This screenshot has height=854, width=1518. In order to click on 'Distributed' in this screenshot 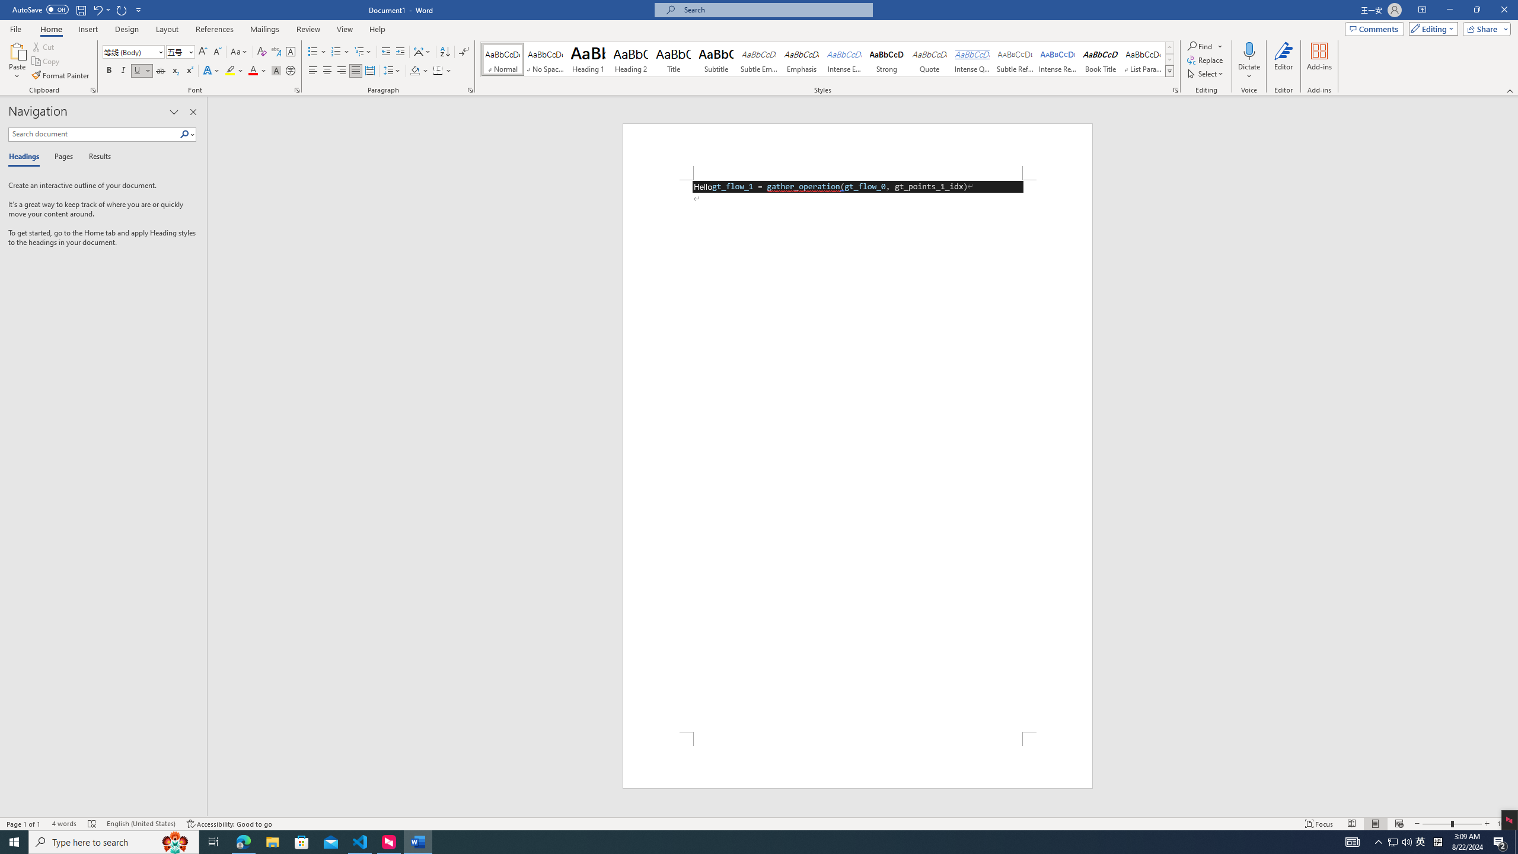, I will do `click(369, 70)`.